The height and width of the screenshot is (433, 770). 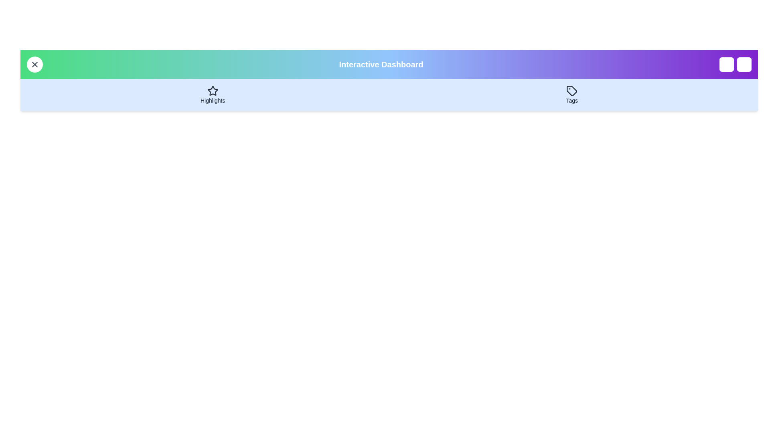 I want to click on the 'Tags' button to navigate to the 'Tags' section, so click(x=571, y=94).